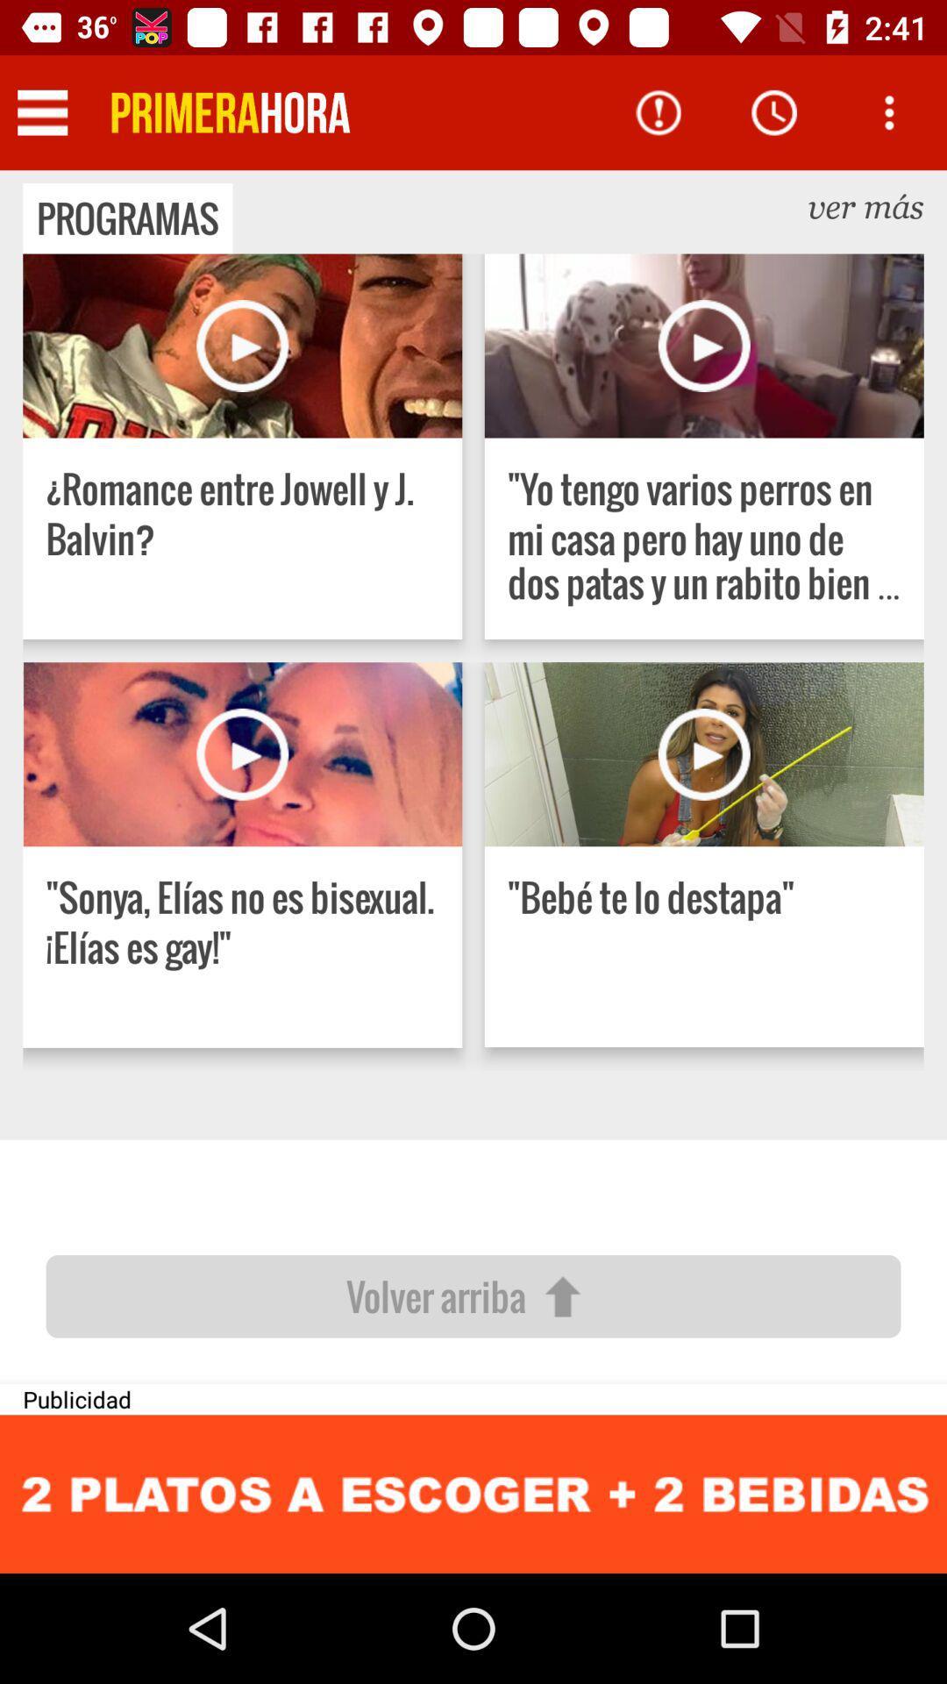  What do you see at coordinates (41, 111) in the screenshot?
I see `menu` at bounding box center [41, 111].